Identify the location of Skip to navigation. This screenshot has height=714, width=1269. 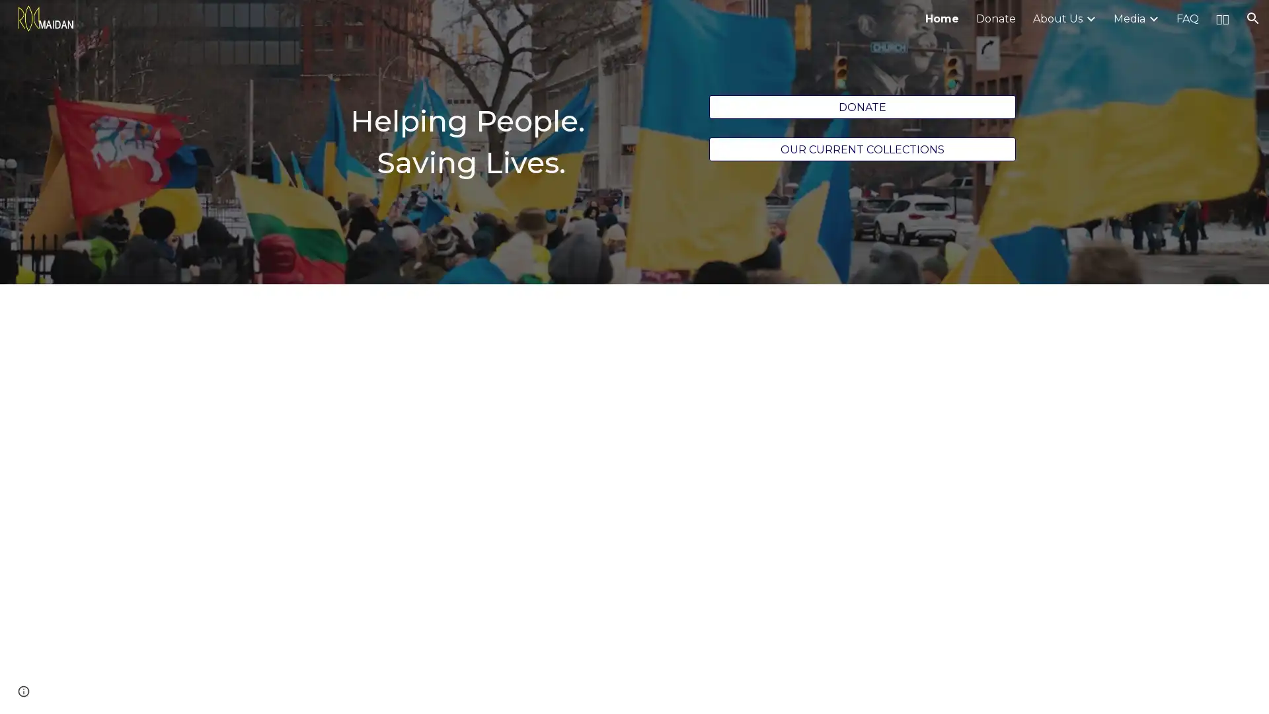
(753, 24).